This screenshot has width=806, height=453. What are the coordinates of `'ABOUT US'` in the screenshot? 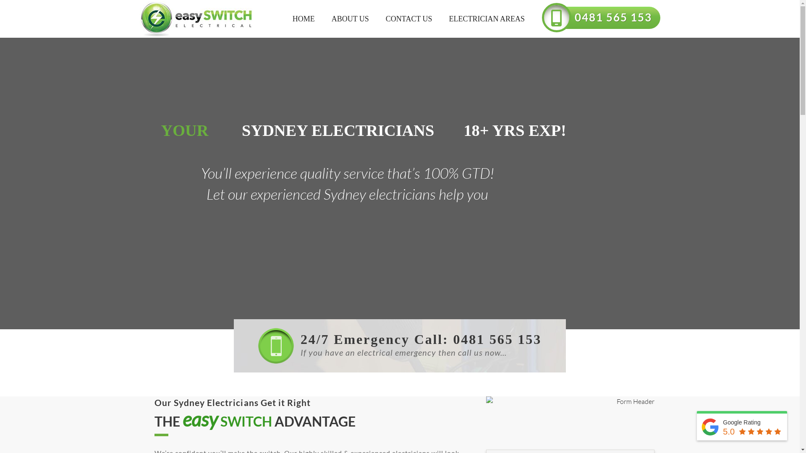 It's located at (322, 19).